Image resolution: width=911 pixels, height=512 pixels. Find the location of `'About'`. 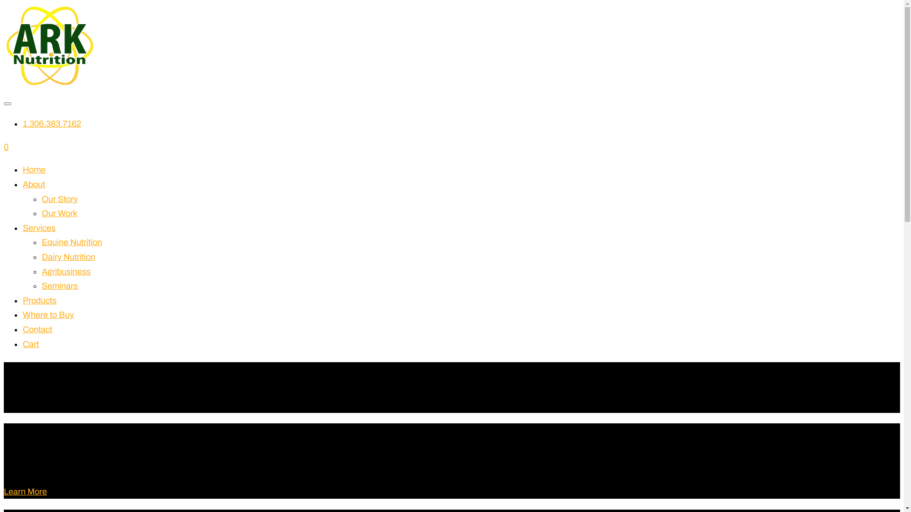

'About' is located at coordinates (34, 184).